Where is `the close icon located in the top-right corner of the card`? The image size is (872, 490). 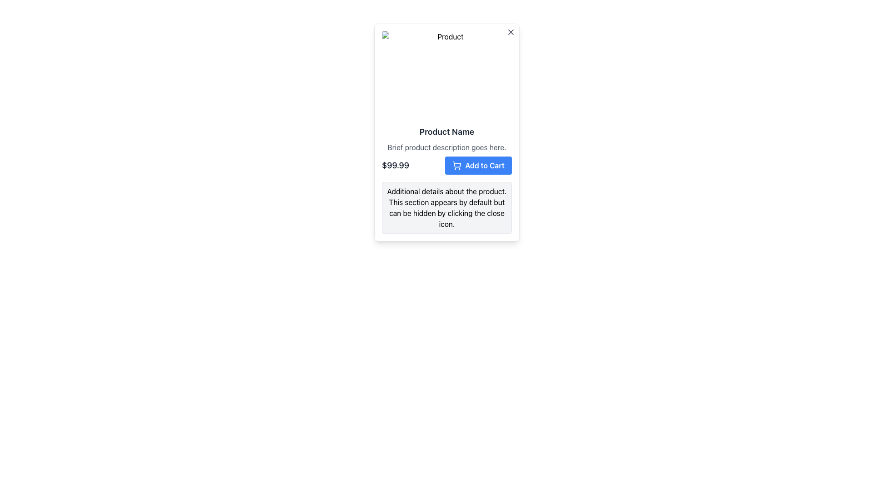 the close icon located in the top-right corner of the card is located at coordinates (510, 31).